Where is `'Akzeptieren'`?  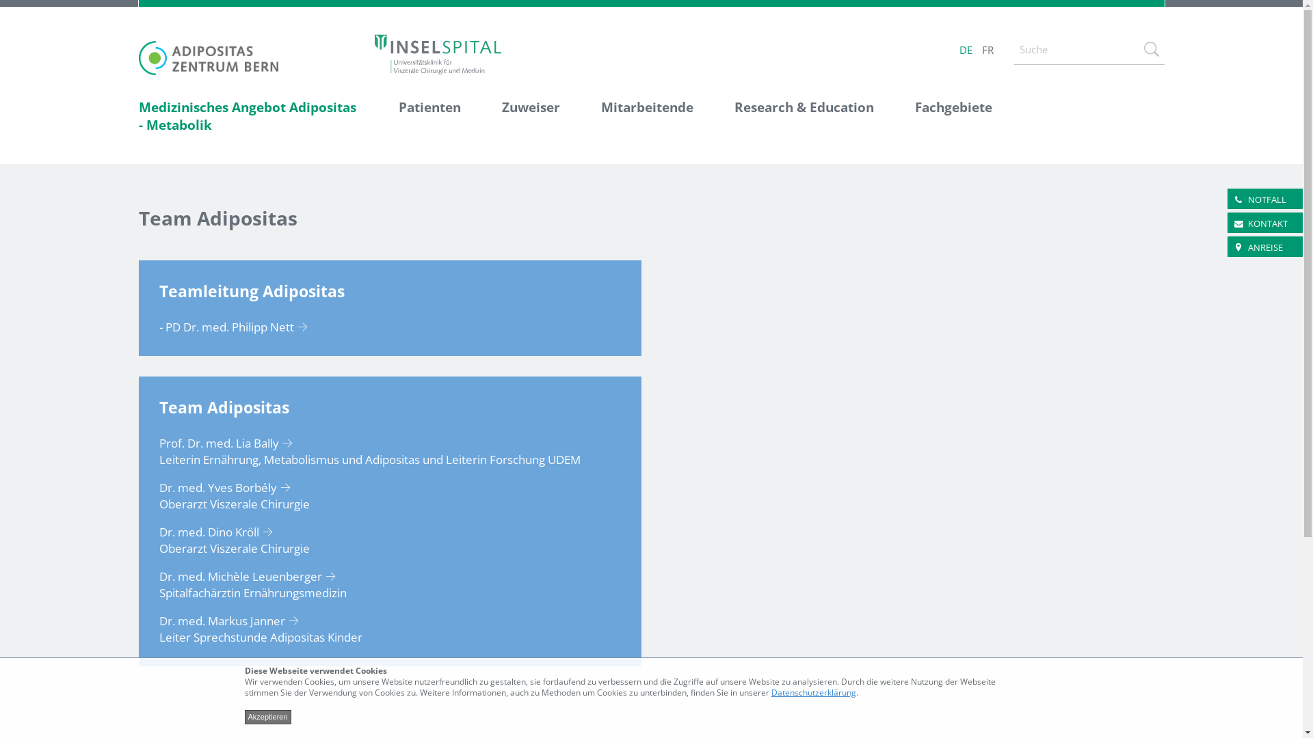 'Akzeptieren' is located at coordinates (268, 716).